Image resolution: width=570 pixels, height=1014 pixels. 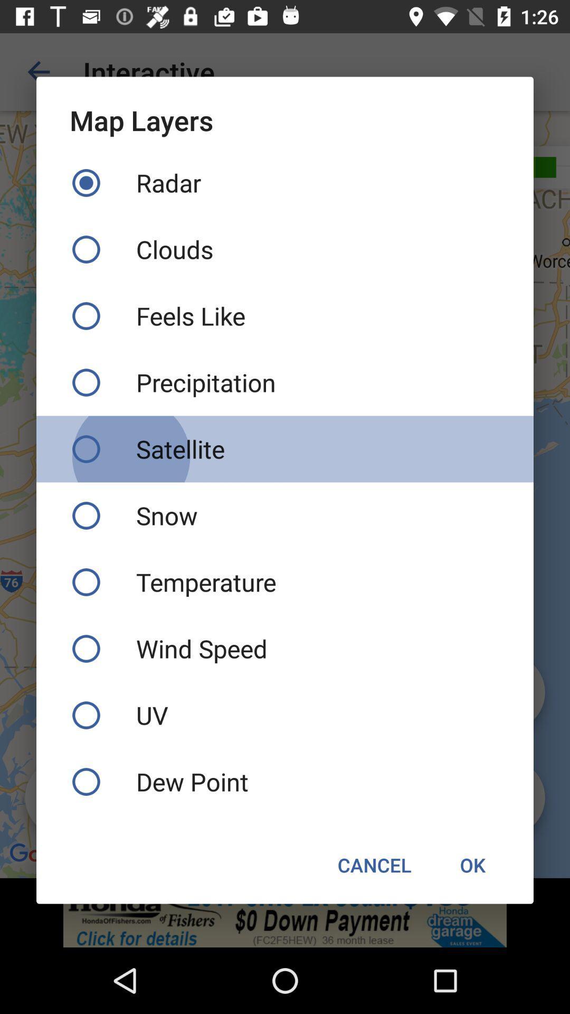 I want to click on the icon next to cancel icon, so click(x=472, y=865).